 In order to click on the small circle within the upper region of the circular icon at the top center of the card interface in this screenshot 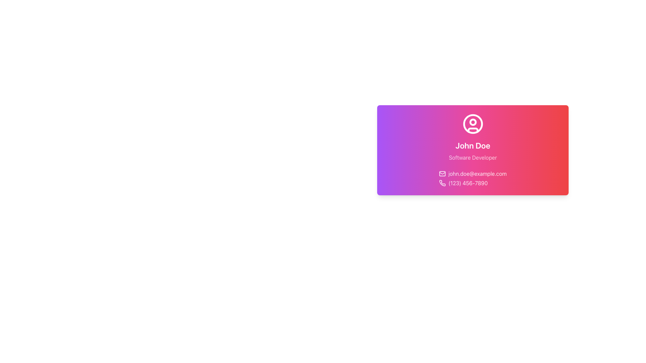, I will do `click(472, 122)`.